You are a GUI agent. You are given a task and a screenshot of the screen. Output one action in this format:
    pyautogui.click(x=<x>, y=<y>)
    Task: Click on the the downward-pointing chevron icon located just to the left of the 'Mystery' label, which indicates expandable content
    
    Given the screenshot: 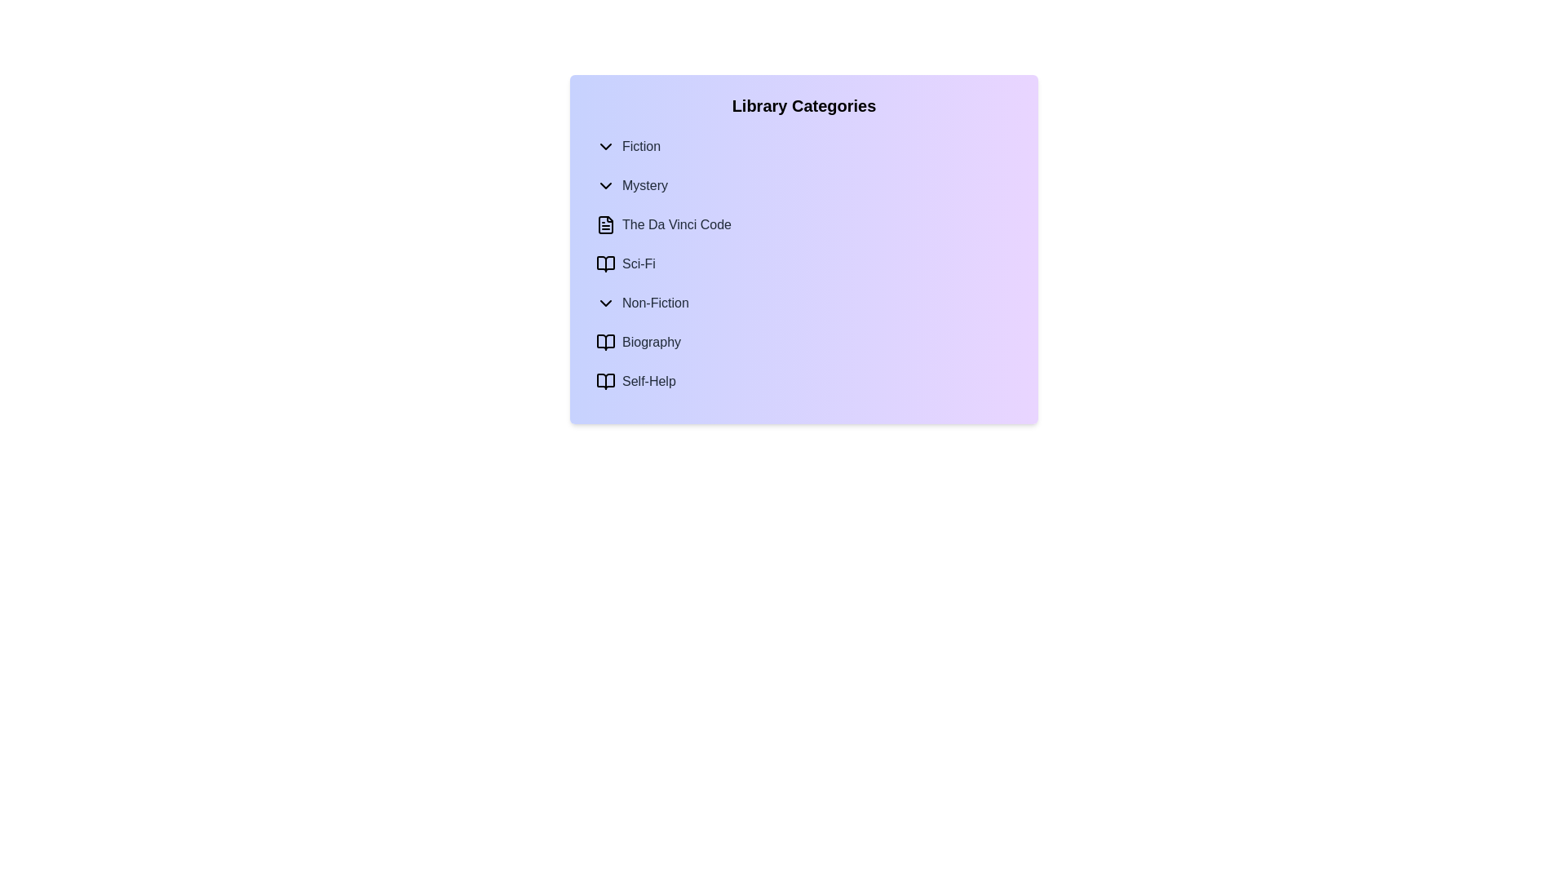 What is the action you would take?
    pyautogui.click(x=605, y=184)
    